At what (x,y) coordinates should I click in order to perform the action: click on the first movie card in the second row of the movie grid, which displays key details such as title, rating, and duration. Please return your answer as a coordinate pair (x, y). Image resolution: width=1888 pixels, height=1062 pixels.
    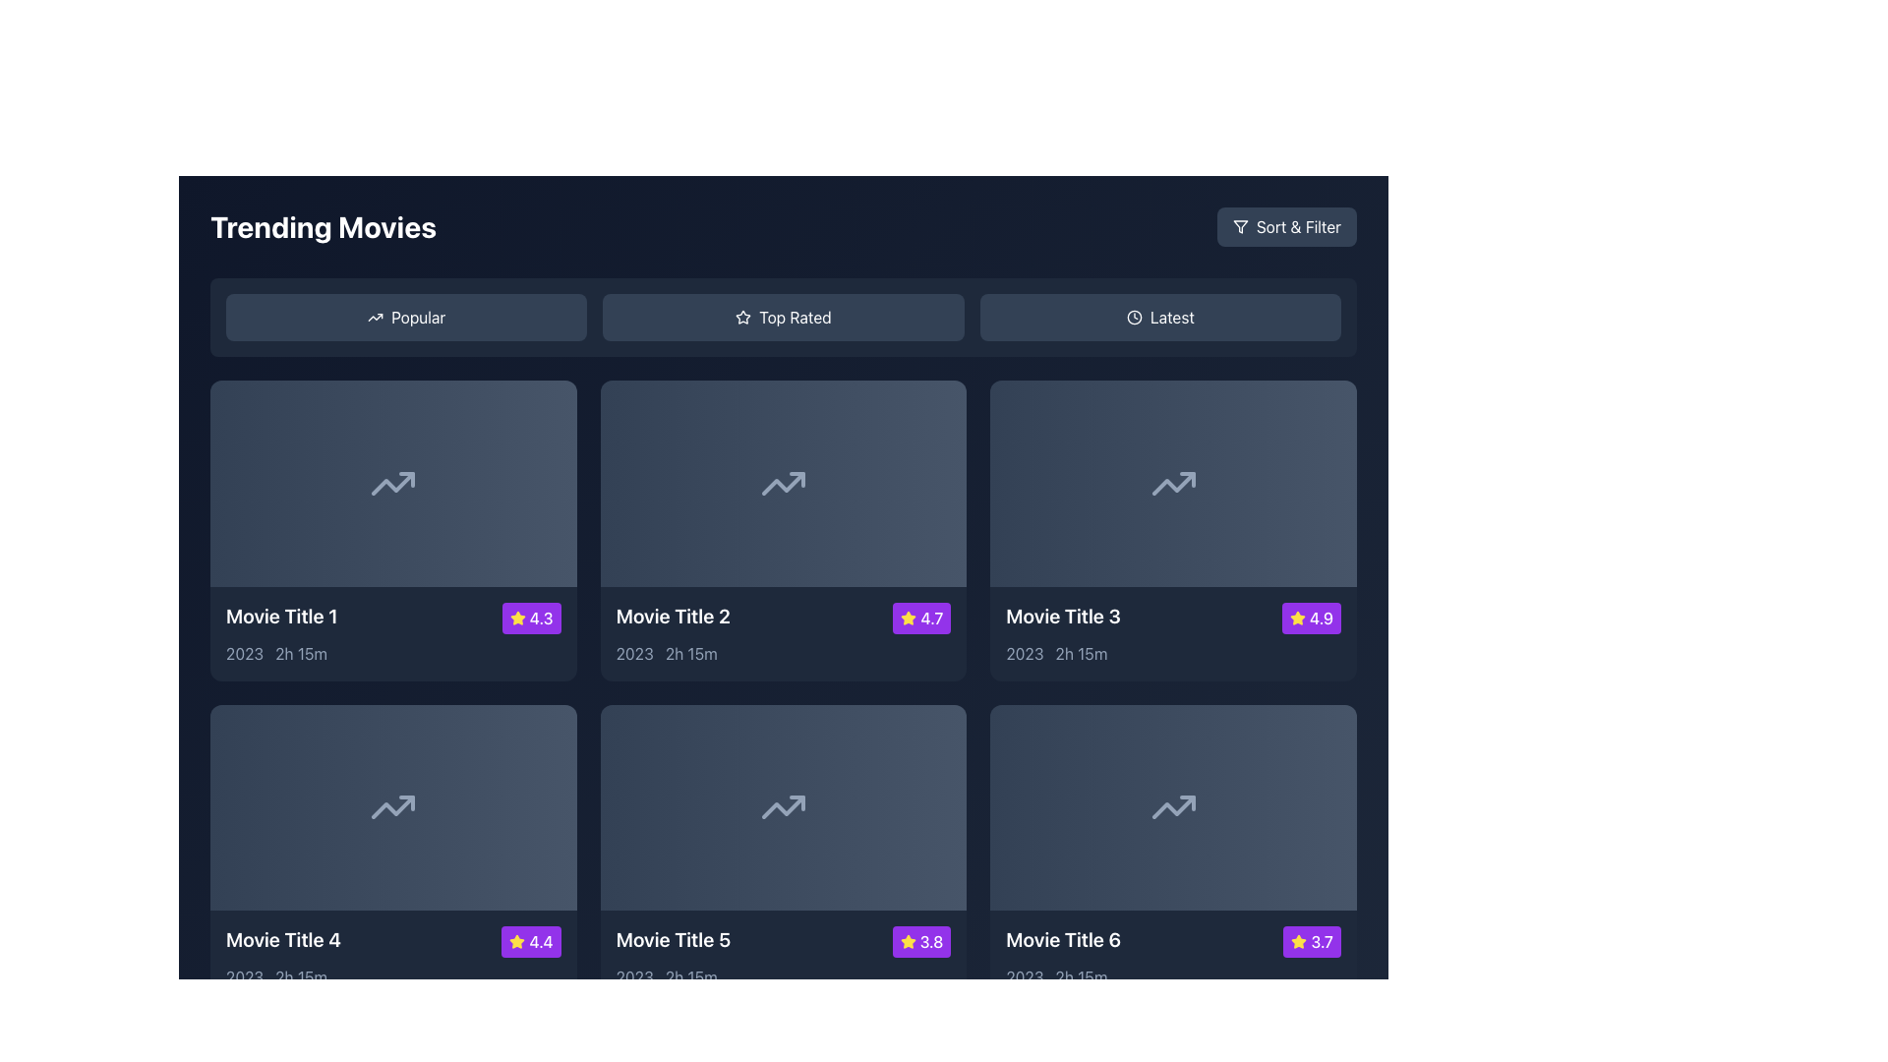
    Looking at the image, I should click on (393, 957).